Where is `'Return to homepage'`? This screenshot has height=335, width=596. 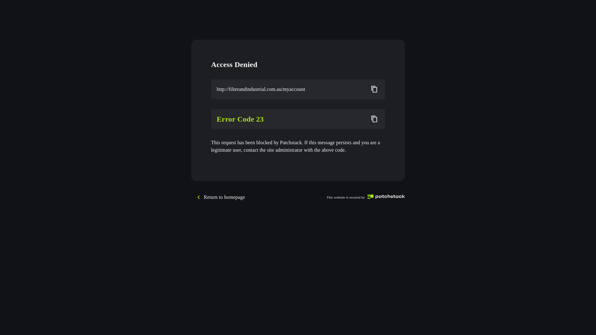
'Return to homepage' is located at coordinates (224, 197).